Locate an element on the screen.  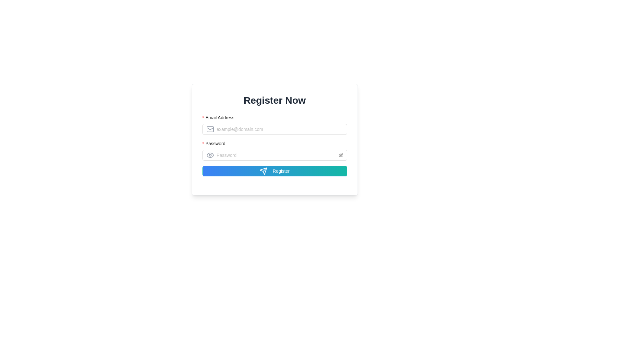
title displayed as 'Register Now', which is a large, bold text header centered at the top of the registration form is located at coordinates (275, 100).